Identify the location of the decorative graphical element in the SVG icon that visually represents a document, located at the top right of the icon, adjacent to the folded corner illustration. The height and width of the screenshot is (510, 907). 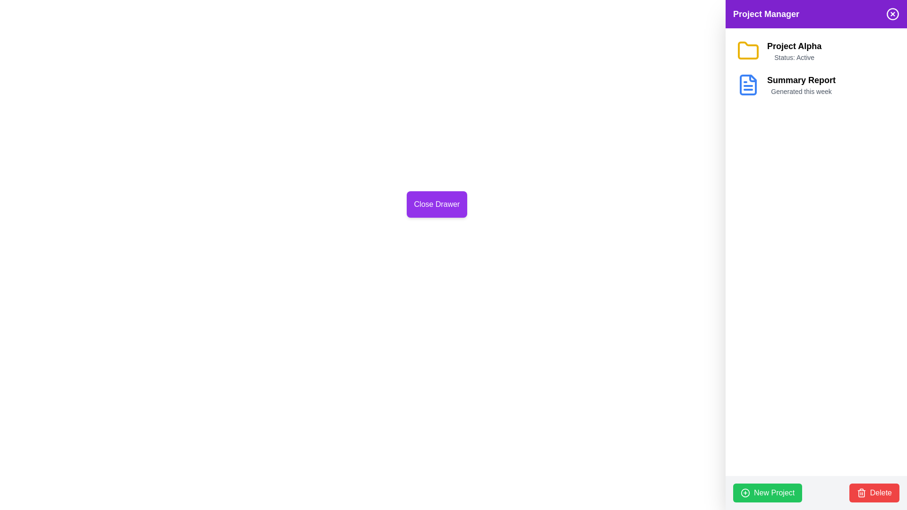
(752, 77).